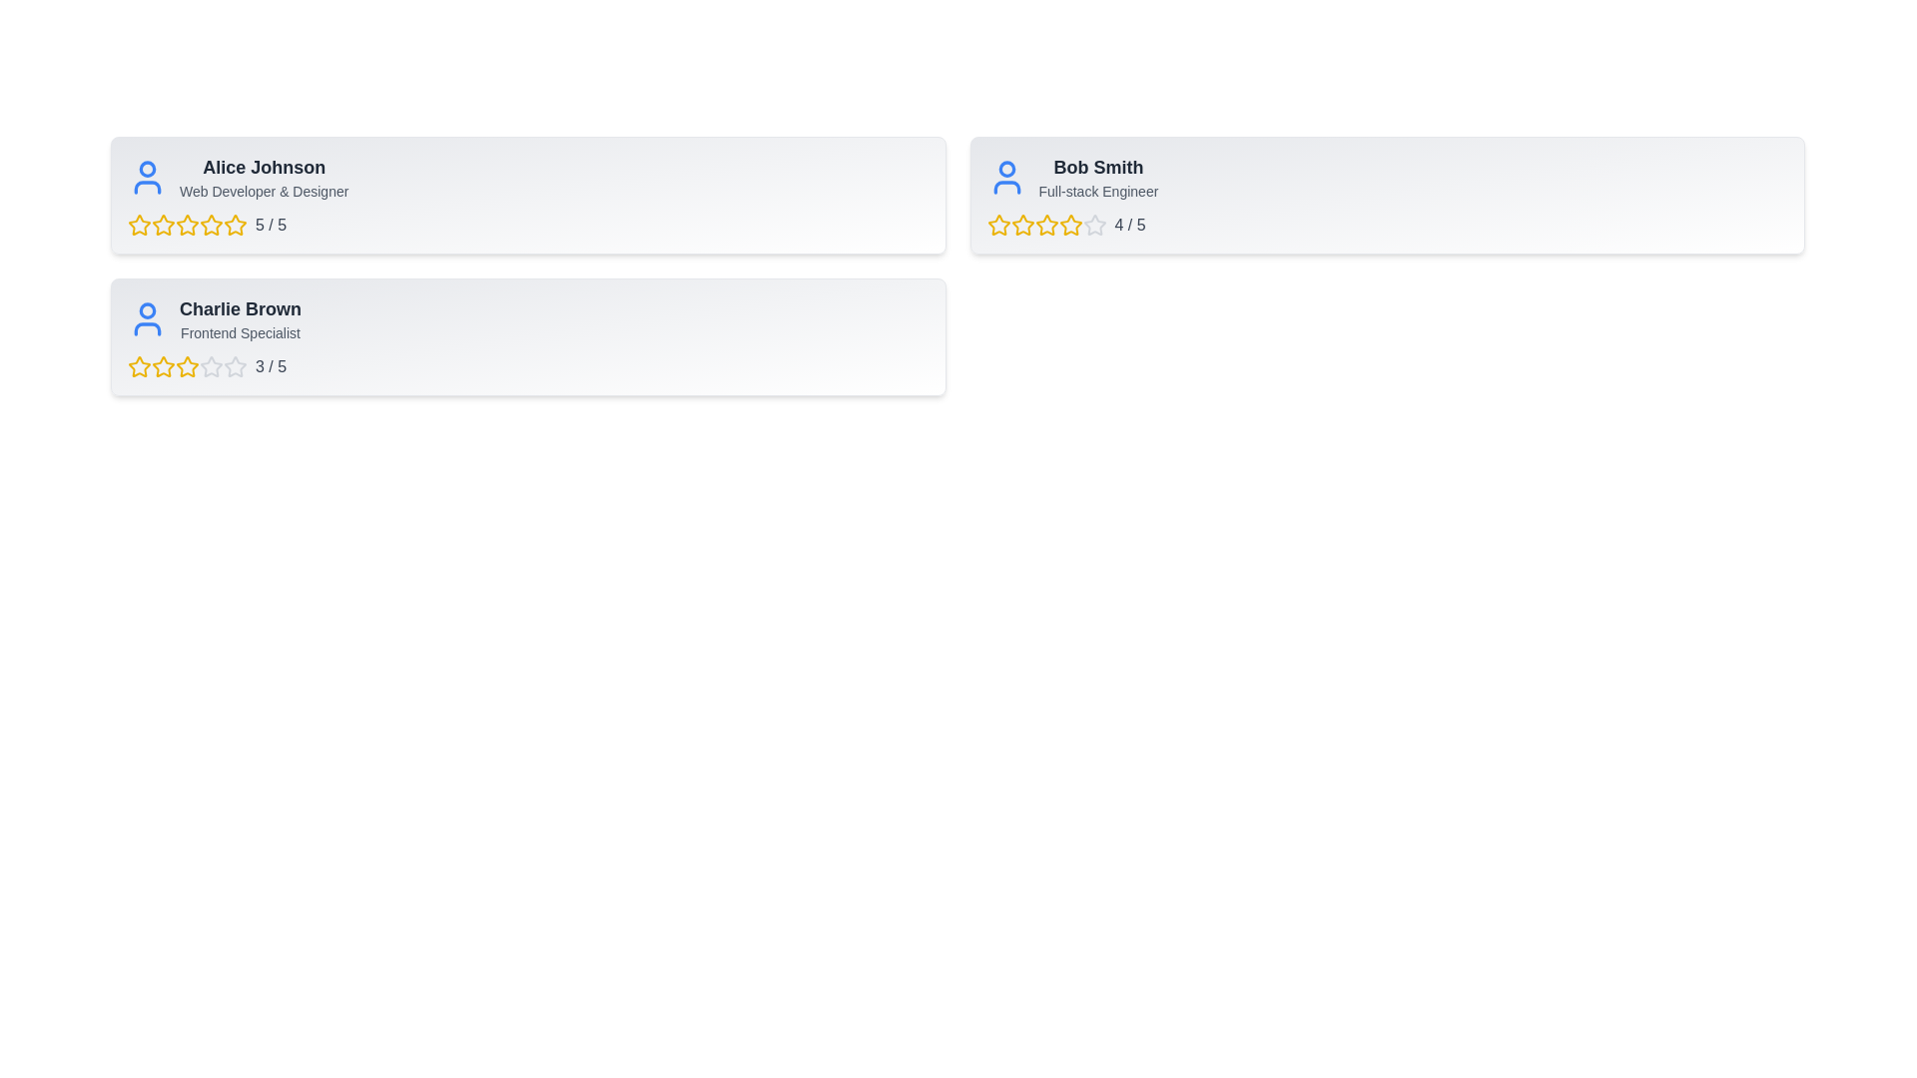 The height and width of the screenshot is (1078, 1917). What do you see at coordinates (1022, 225) in the screenshot?
I see `the 2 star for the user Bob Smith to set their rating` at bounding box center [1022, 225].